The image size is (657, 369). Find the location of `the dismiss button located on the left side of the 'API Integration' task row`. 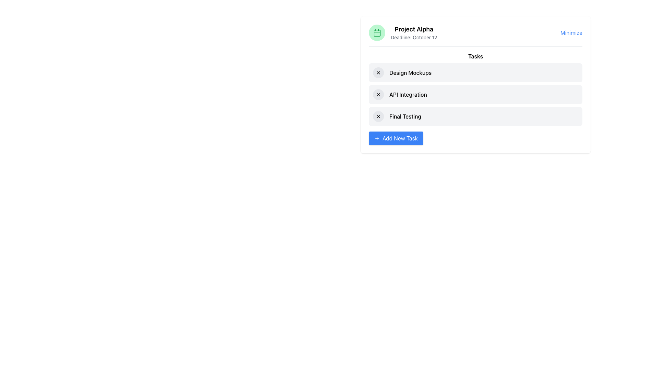

the dismiss button located on the left side of the 'API Integration' task row is located at coordinates (378, 95).